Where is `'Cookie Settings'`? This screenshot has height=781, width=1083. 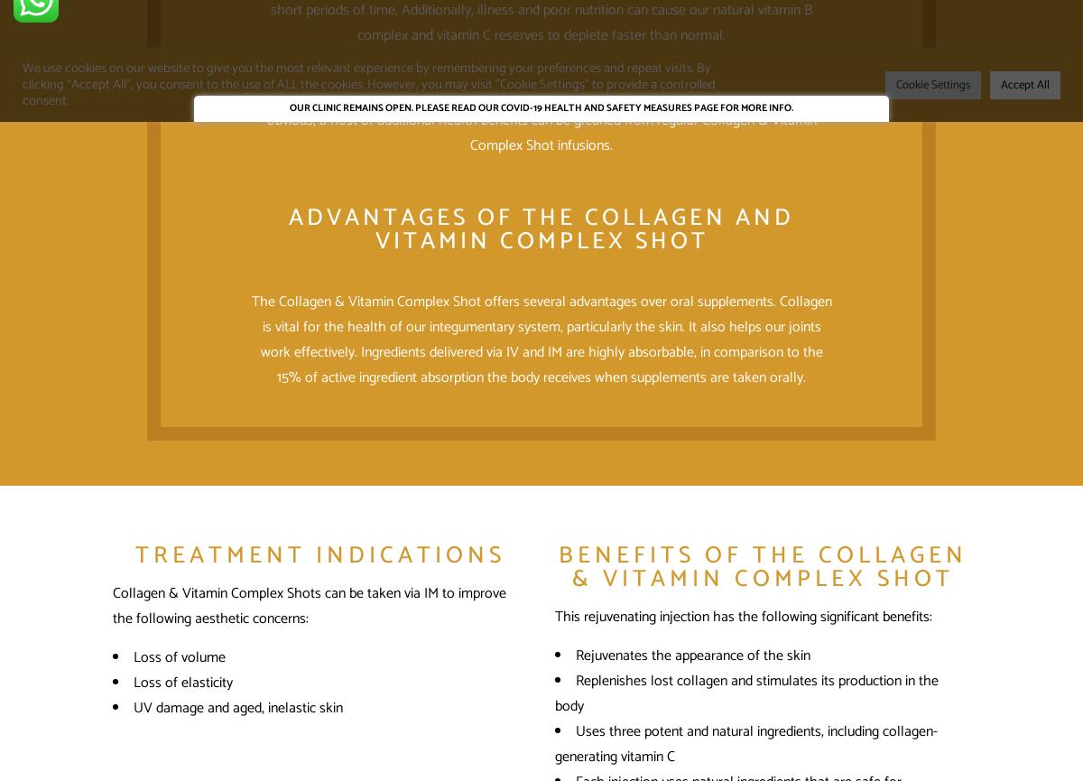
'Cookie Settings' is located at coordinates (933, 84).